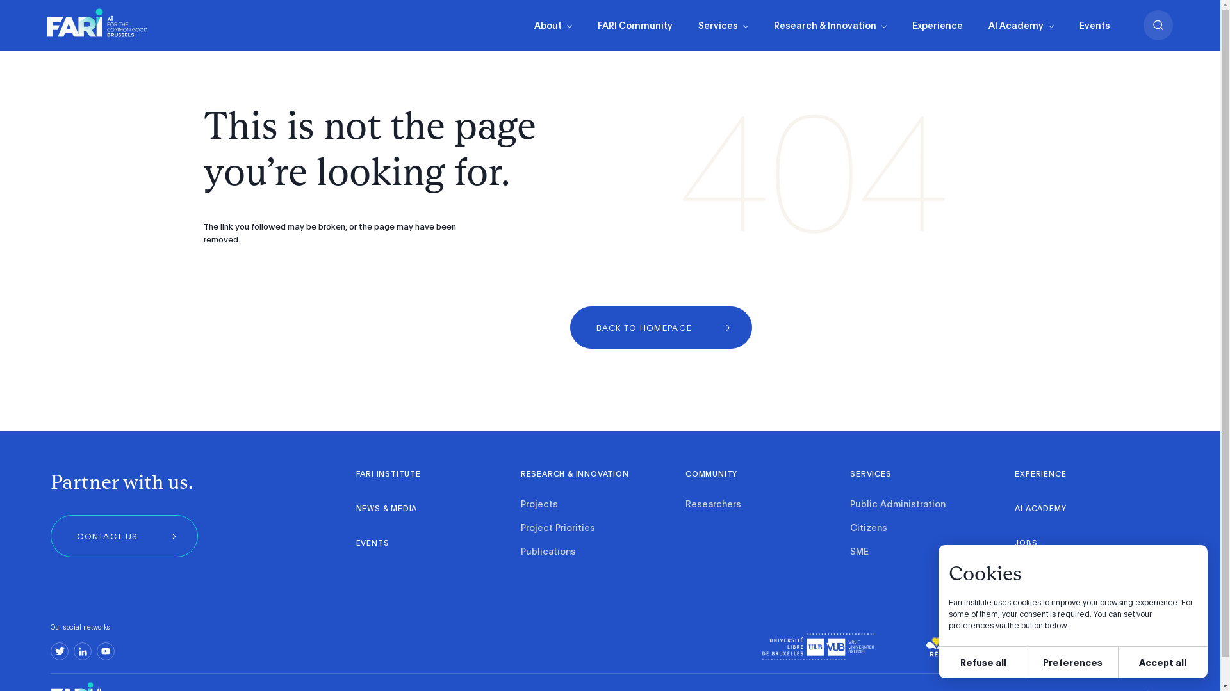 The height and width of the screenshot is (691, 1230). Describe the element at coordinates (548, 552) in the screenshot. I see `'Publications'` at that location.